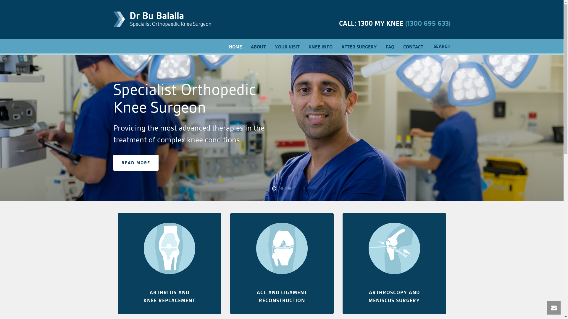 This screenshot has width=568, height=319. Describe the element at coordinates (287, 46) in the screenshot. I see `'YOUR VISIT'` at that location.